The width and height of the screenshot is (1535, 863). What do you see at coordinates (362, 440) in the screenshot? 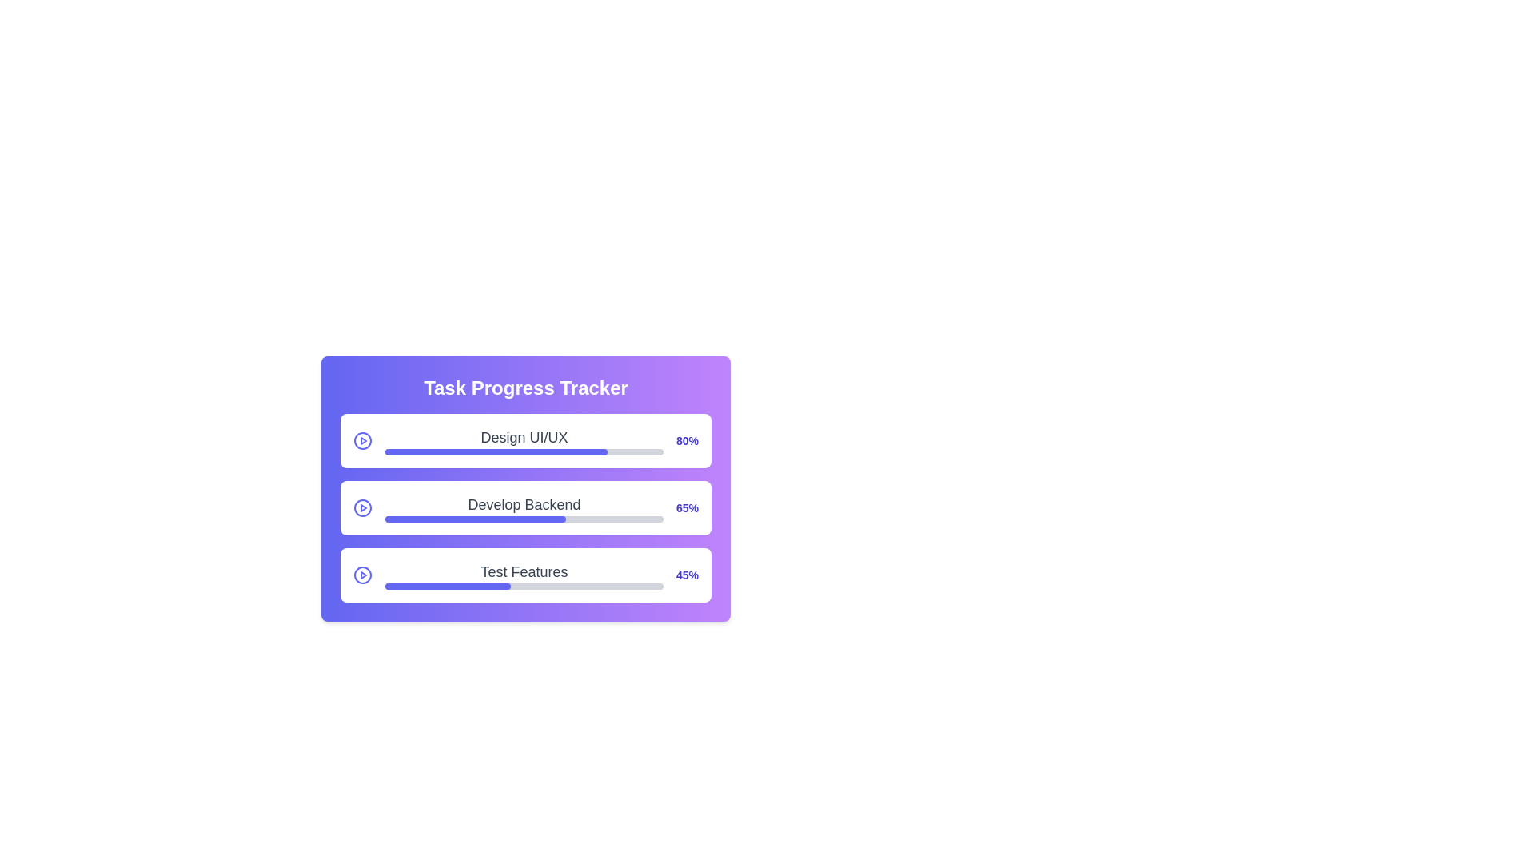
I see `the circular play icon with a hollow outline and triangular play button at its center, located to the far left of the task named 'Design UI/UX'` at bounding box center [362, 440].